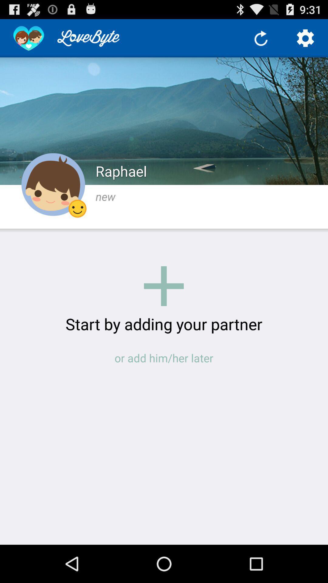 The height and width of the screenshot is (583, 328). Describe the element at coordinates (164, 358) in the screenshot. I see `or add him` at that location.